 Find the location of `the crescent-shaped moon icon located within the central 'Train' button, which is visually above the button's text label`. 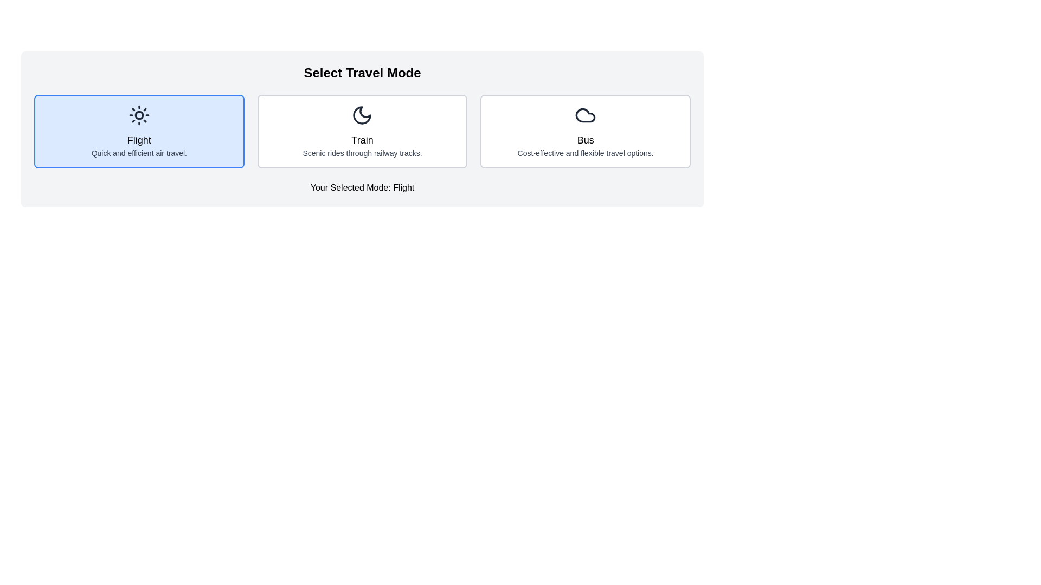

the crescent-shaped moon icon located within the central 'Train' button, which is visually above the button's text label is located at coordinates (362, 115).